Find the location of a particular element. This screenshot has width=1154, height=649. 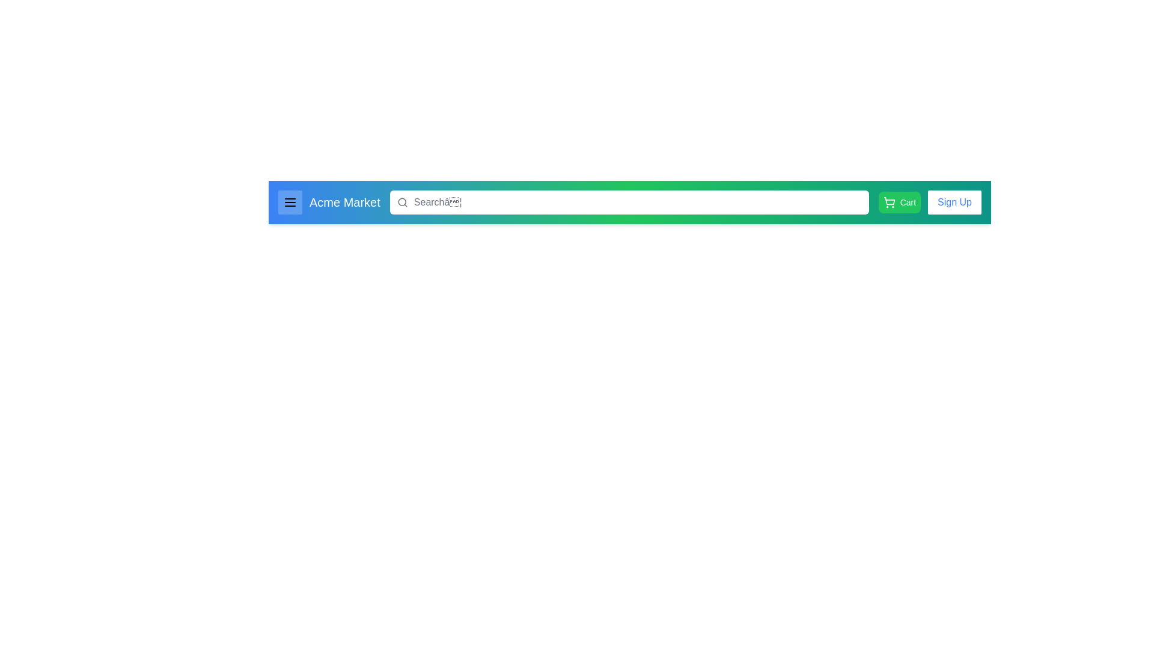

the menu button to open the navigation menu is located at coordinates (290, 201).